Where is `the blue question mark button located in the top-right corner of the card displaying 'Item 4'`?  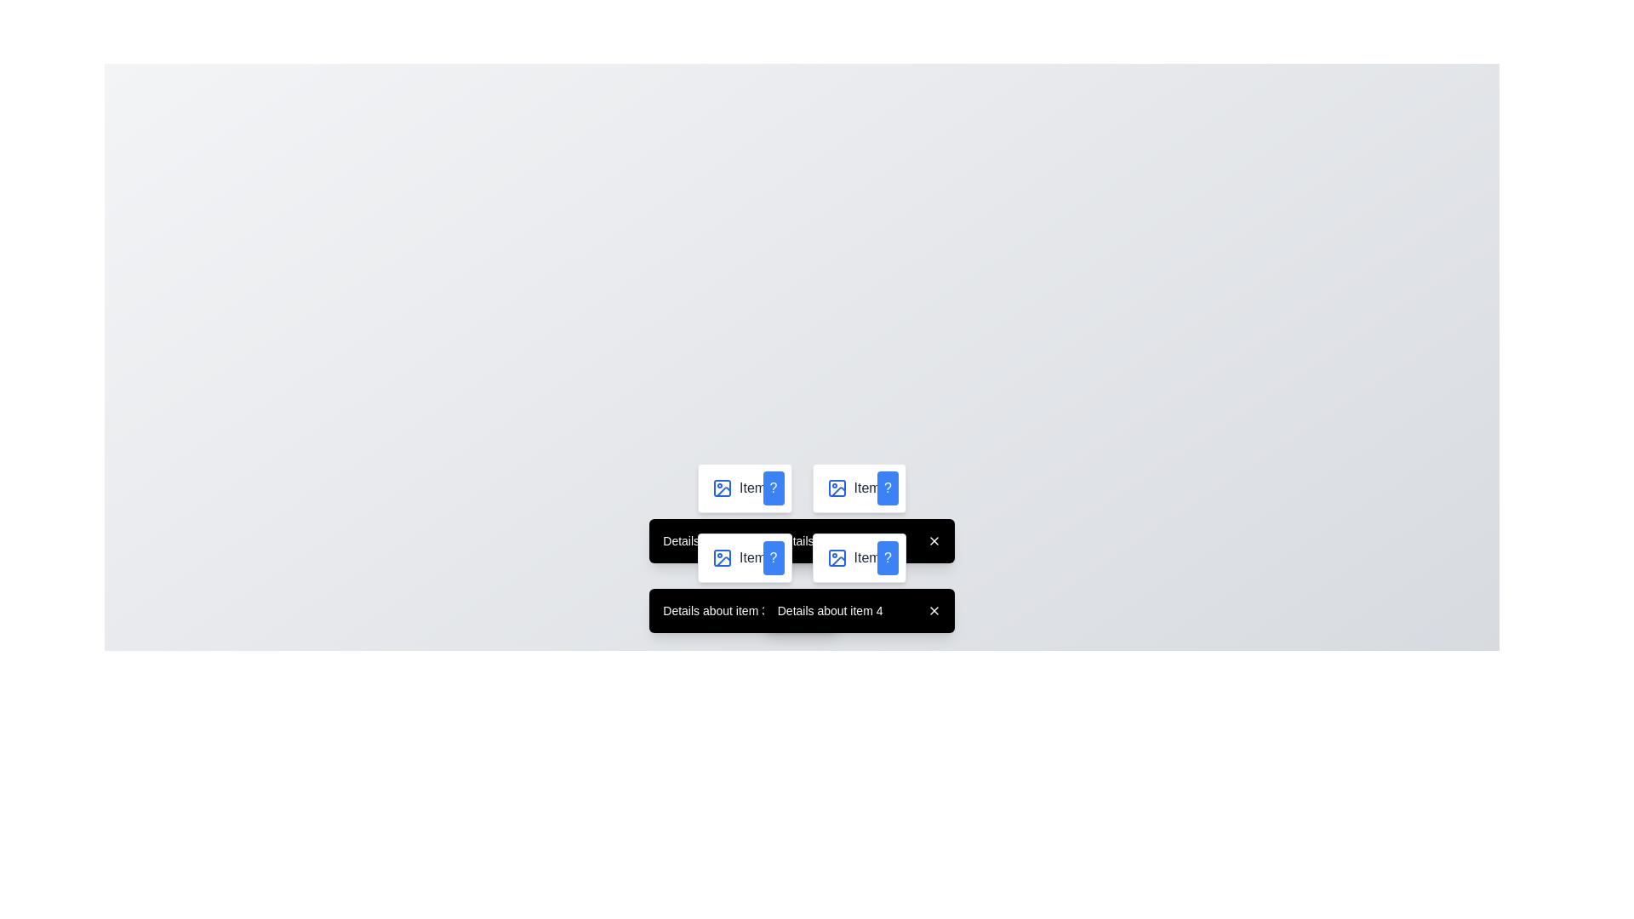 the blue question mark button located in the top-right corner of the card displaying 'Item 4' is located at coordinates (887, 557).